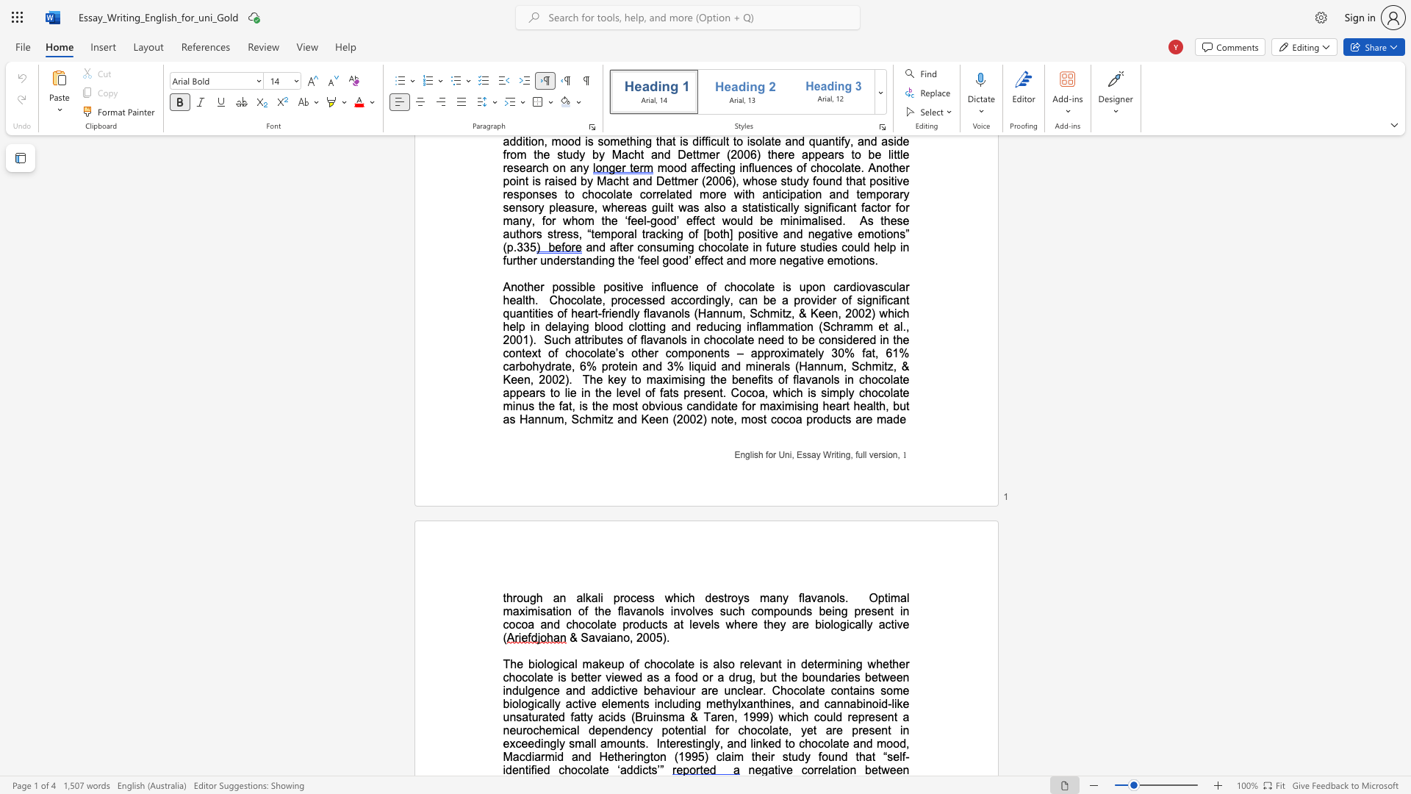 The height and width of the screenshot is (794, 1411). I want to click on the subset text "no," within the text "& Savaiano, 2005).", so click(617, 637).